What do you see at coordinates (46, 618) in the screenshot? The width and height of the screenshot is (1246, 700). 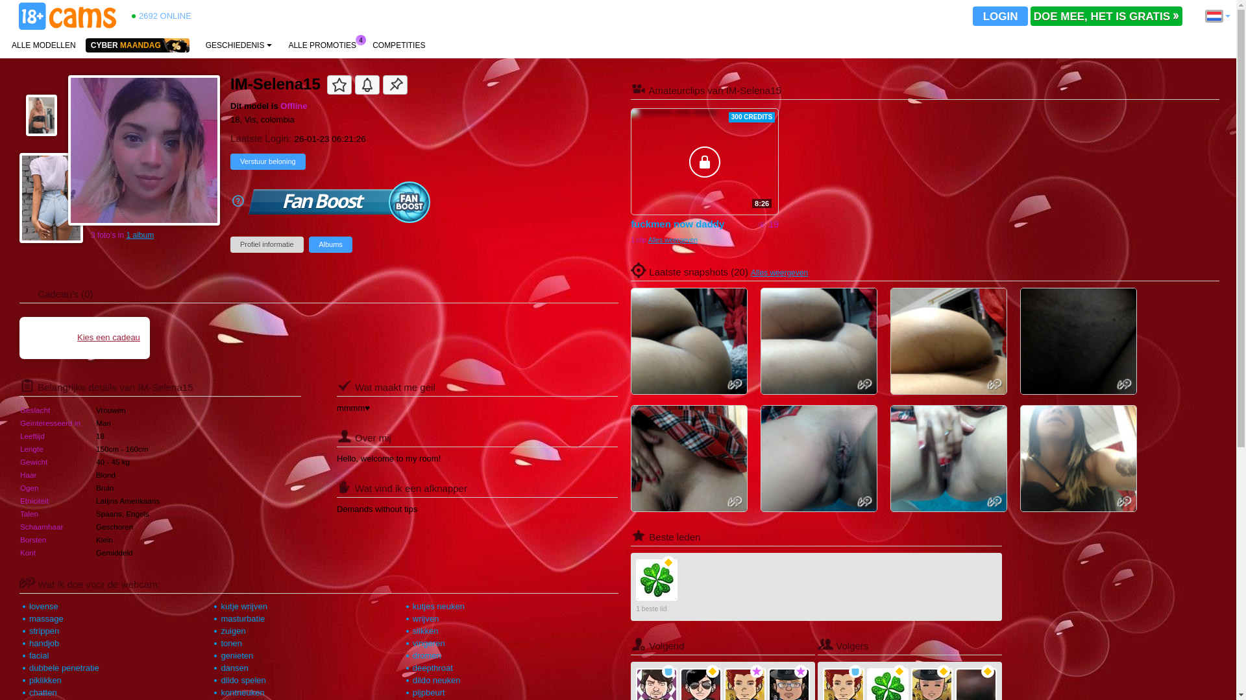 I see `'massage'` at bounding box center [46, 618].